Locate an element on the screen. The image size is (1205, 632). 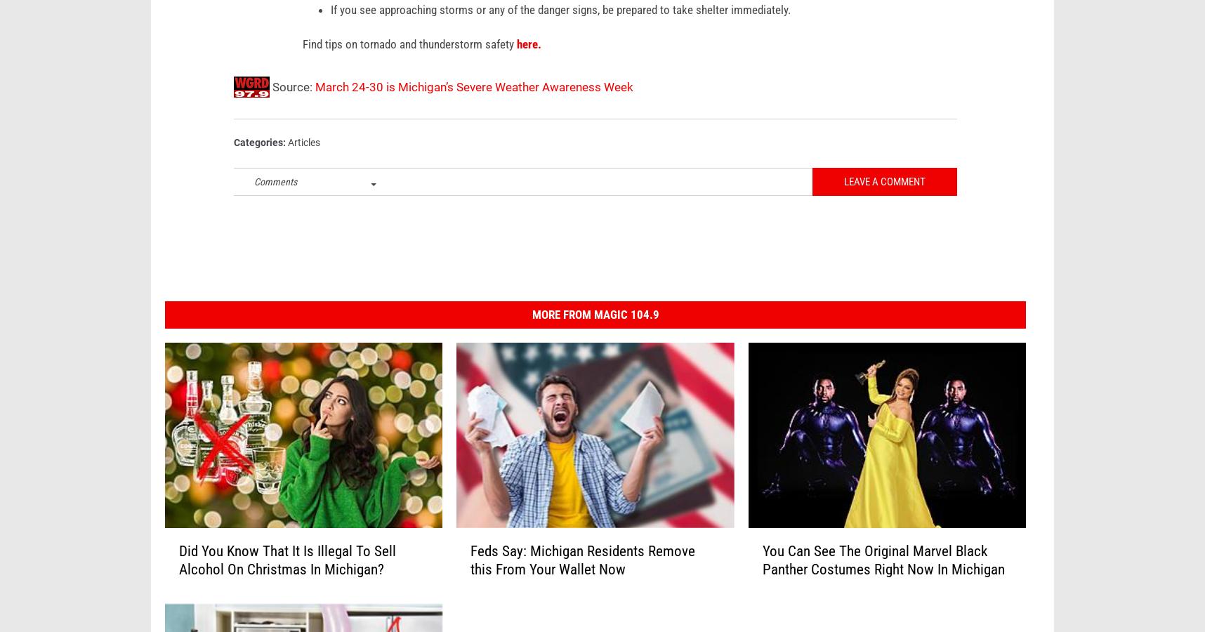
':' is located at coordinates (285, 164).